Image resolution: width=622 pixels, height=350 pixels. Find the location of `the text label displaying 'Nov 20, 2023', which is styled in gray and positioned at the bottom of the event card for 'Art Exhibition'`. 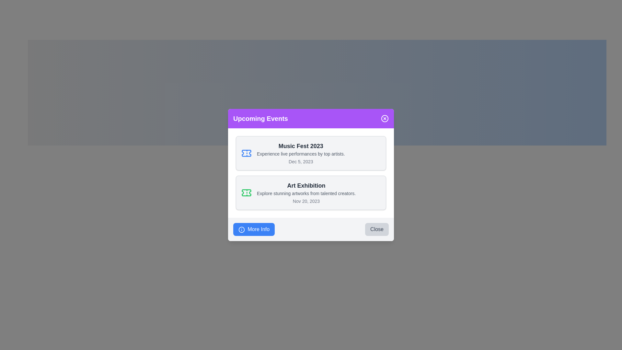

the text label displaying 'Nov 20, 2023', which is styled in gray and positioned at the bottom of the event card for 'Art Exhibition' is located at coordinates (306, 201).